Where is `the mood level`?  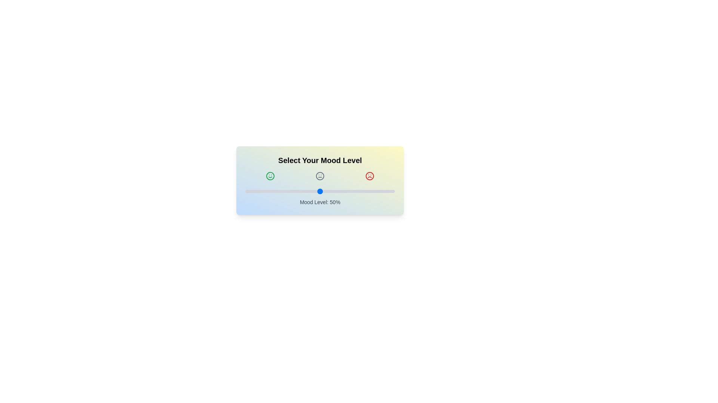
the mood level is located at coordinates (312, 191).